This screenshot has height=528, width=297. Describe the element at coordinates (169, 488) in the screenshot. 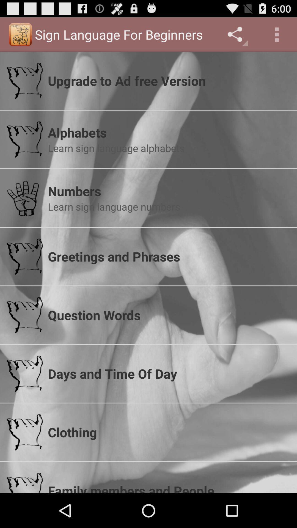

I see `the family members and app` at that location.